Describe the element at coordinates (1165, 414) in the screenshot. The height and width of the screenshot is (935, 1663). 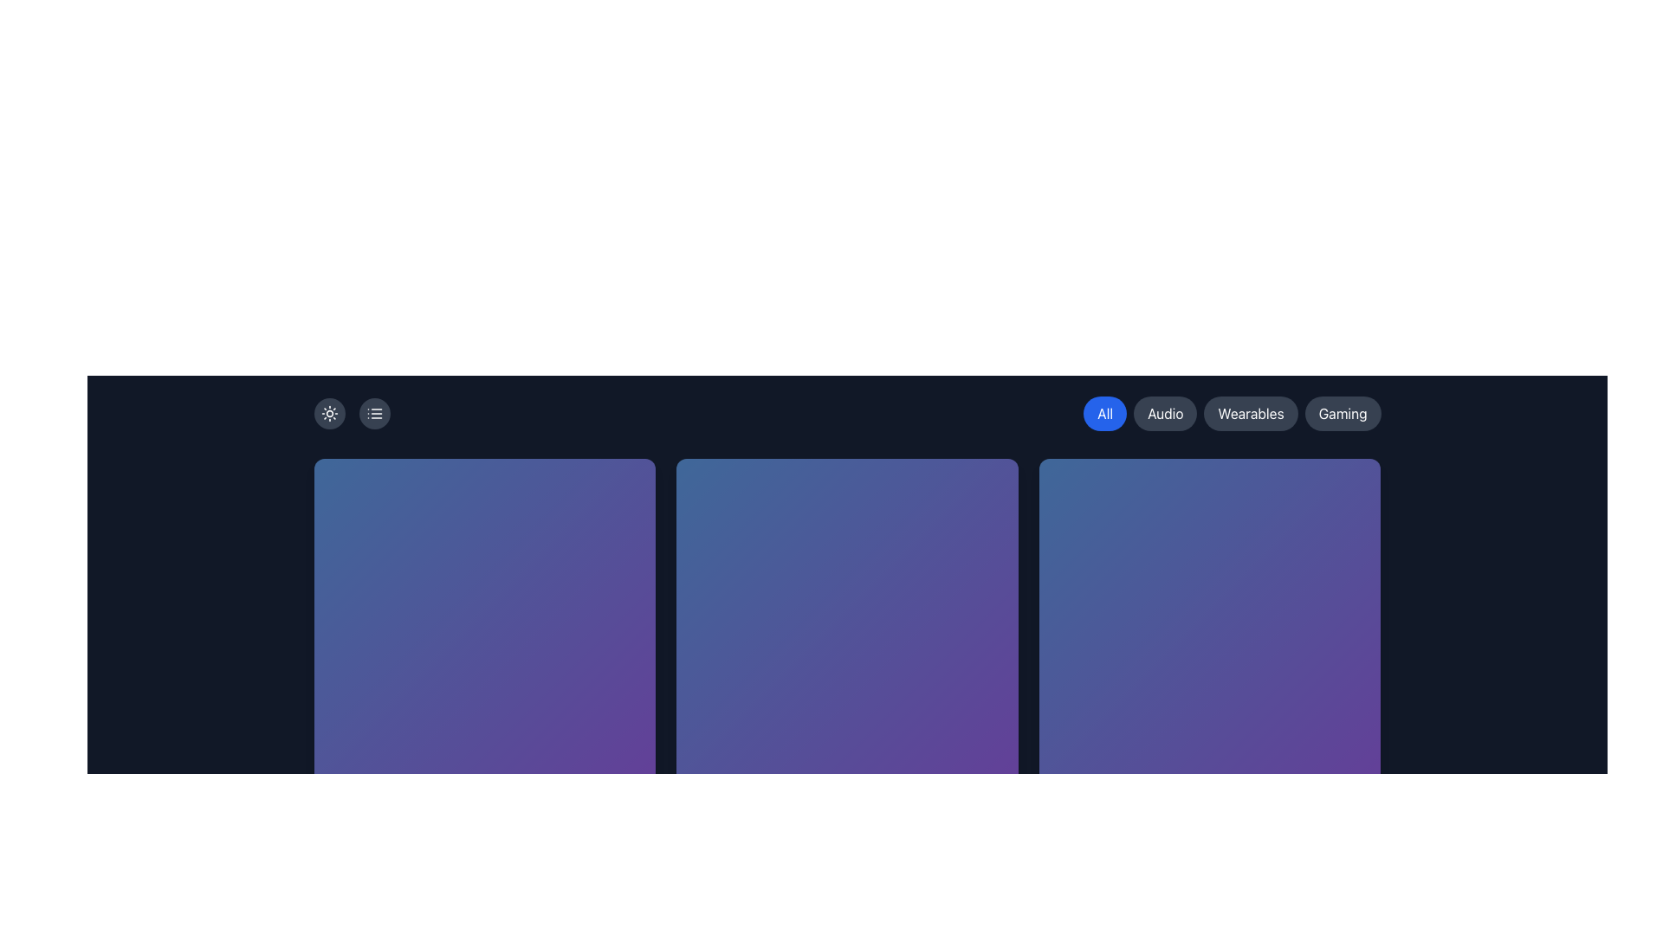
I see `the 'Audio' button, which is the second button in a series of horizontally arranged buttons with a dark gray background and white text, to trigger the hover effect` at that location.